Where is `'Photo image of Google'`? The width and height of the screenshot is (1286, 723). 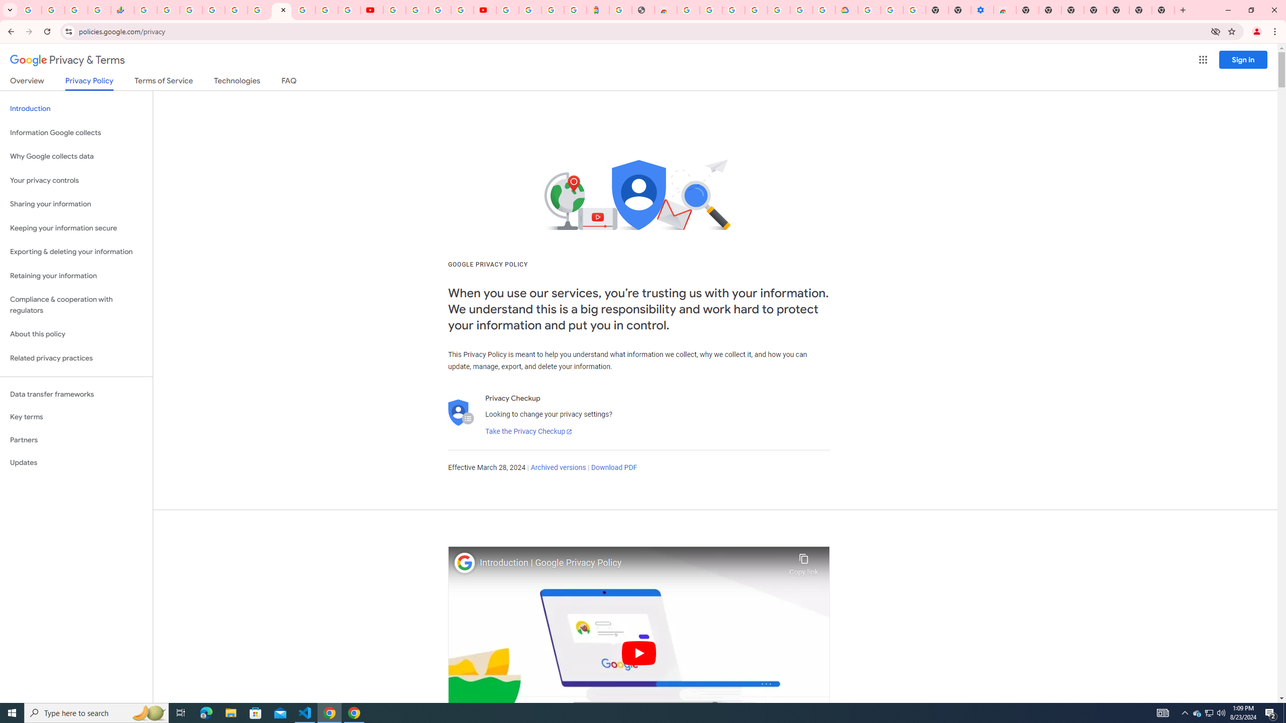
'Photo image of Google' is located at coordinates (465, 562).